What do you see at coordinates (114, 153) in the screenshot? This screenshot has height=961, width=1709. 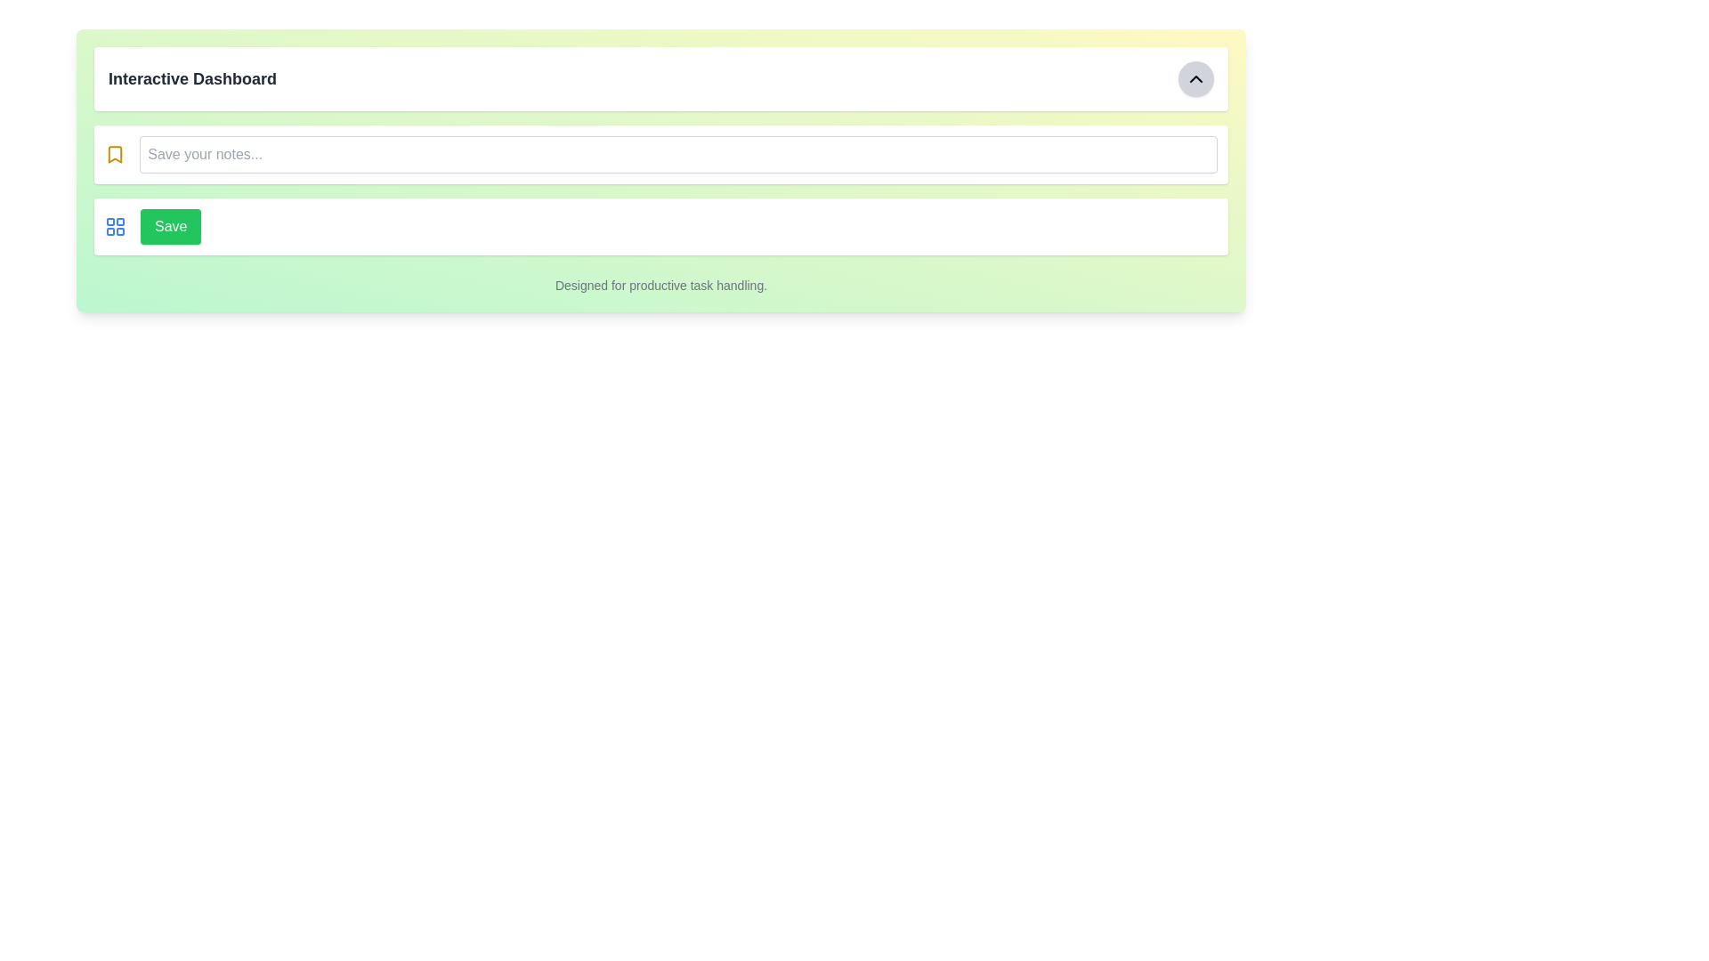 I see `the unique yellow-outlined bookmark icon located to the left of the 'Save your notes...' input field in the Interactive Dashboard` at bounding box center [114, 153].